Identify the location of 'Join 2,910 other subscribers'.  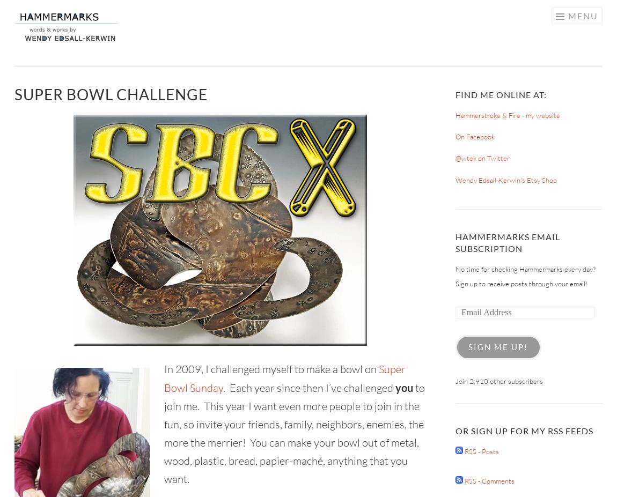
(499, 381).